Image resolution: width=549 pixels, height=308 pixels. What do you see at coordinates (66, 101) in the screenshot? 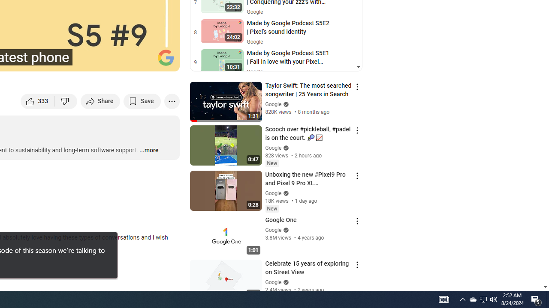
I see `'Dislike this video'` at bounding box center [66, 101].